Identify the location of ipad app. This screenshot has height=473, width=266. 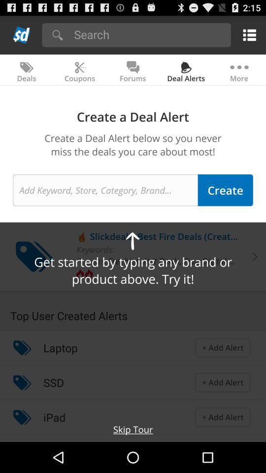
(54, 416).